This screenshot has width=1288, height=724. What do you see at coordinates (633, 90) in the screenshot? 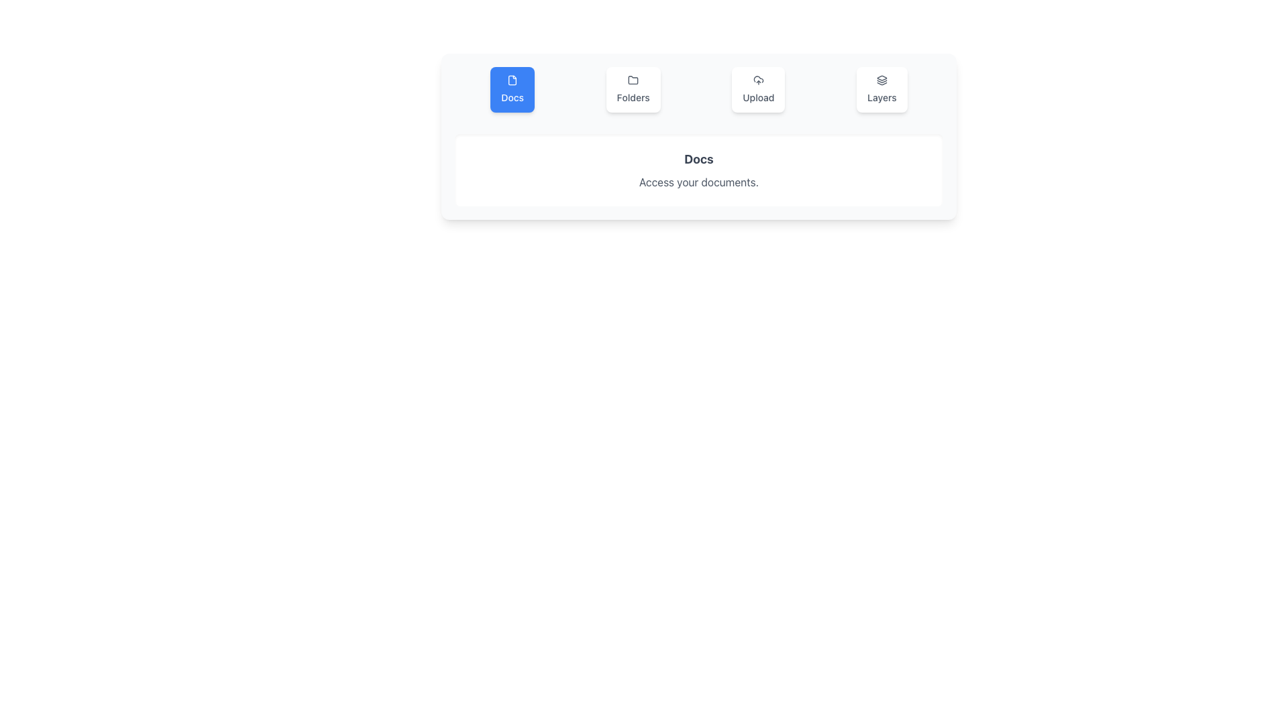
I see `the 'Folders' button, which is a rectangular button with a white background, gray text, and an icon of a folder above the text, located between the 'Docs' button and the 'Upload' button in the toolbar` at bounding box center [633, 90].